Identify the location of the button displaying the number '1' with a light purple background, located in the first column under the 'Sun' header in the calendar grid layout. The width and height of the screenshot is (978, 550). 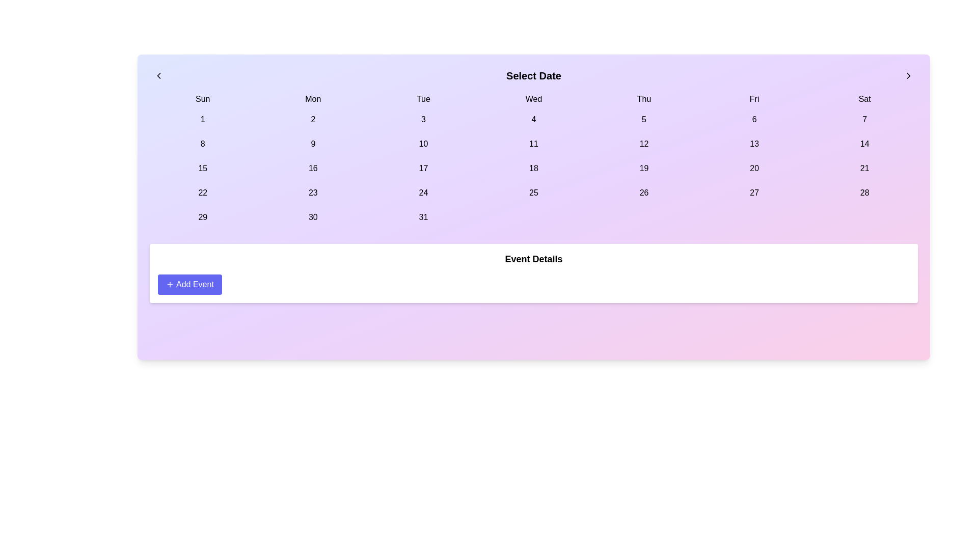
(203, 119).